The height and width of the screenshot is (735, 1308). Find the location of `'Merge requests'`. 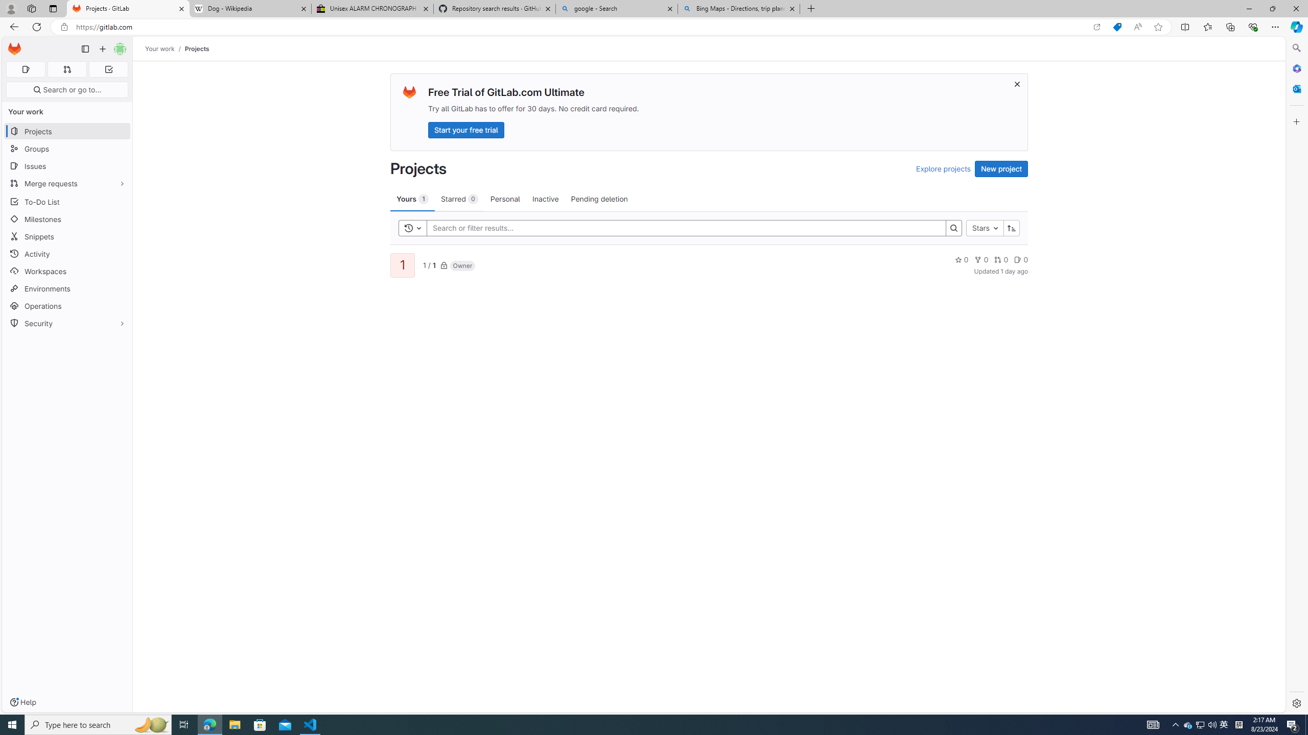

'Merge requests' is located at coordinates (66, 183).